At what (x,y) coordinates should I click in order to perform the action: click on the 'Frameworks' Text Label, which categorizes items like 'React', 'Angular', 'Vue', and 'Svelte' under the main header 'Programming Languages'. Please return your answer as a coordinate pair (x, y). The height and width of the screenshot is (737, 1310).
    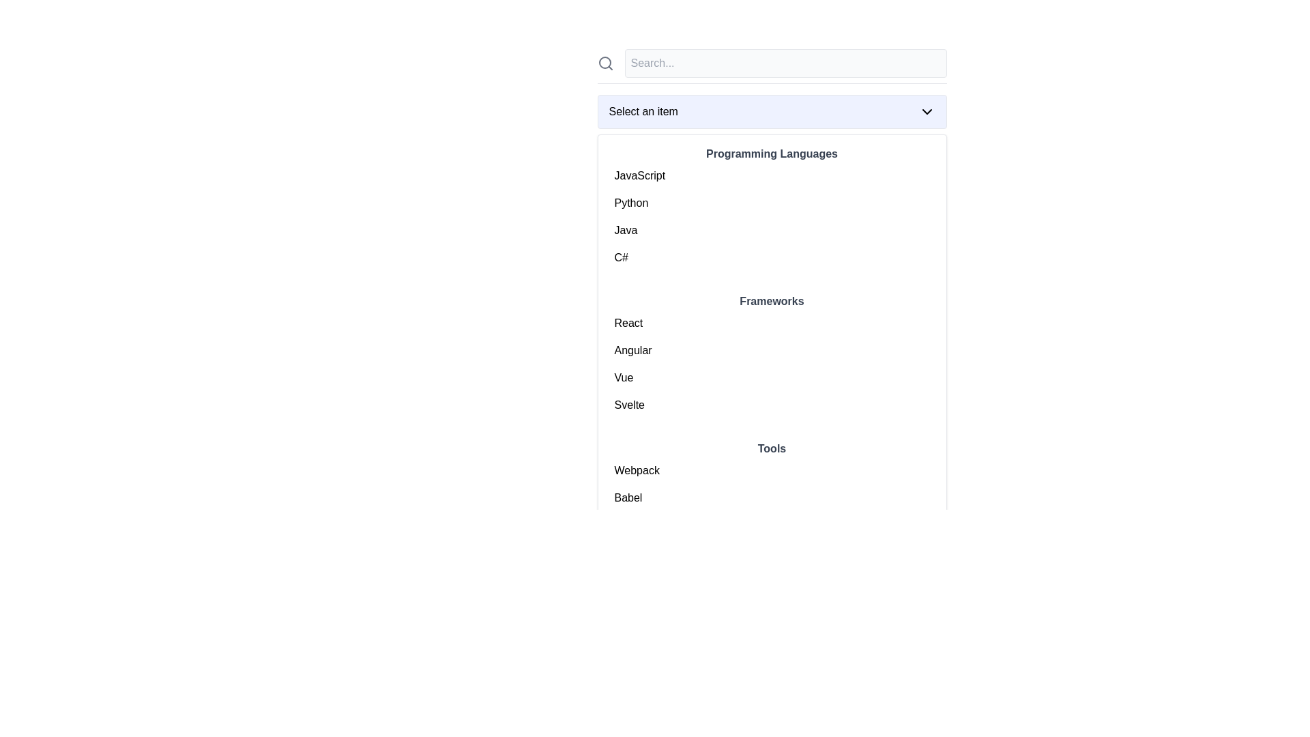
    Looking at the image, I should click on (772, 301).